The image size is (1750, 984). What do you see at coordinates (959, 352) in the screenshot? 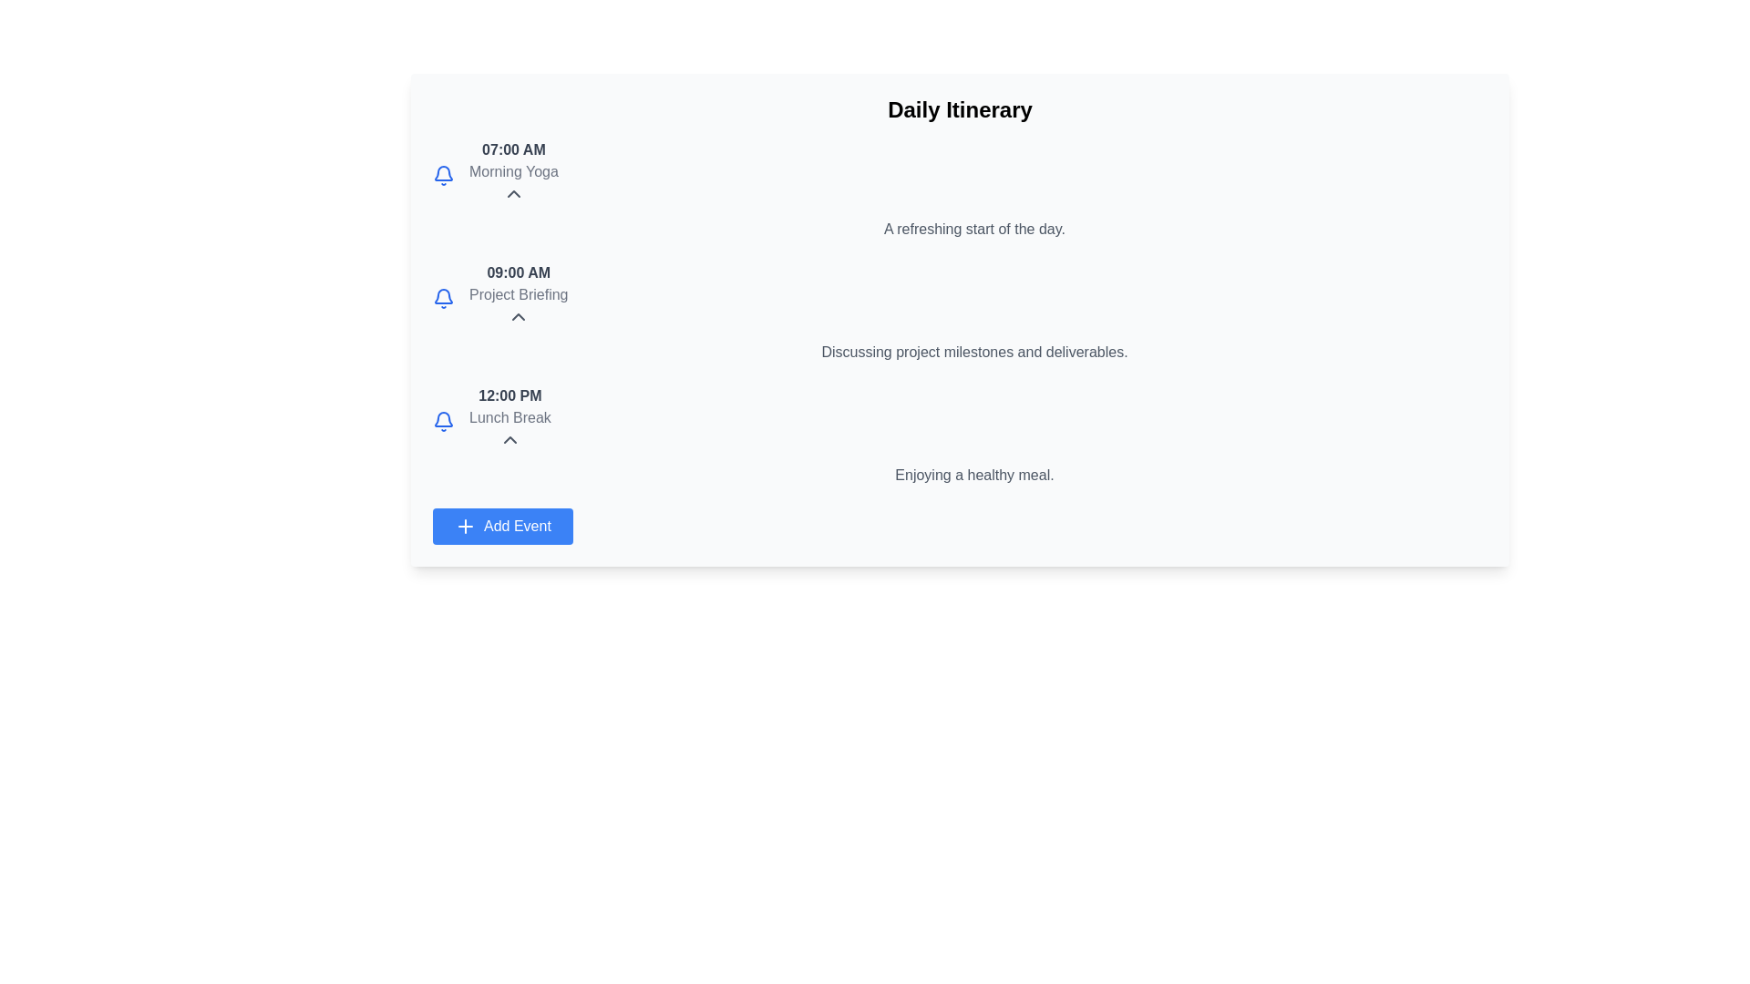
I see `the text element displaying 'Discussing project milestones and deliverables.'` at bounding box center [959, 352].